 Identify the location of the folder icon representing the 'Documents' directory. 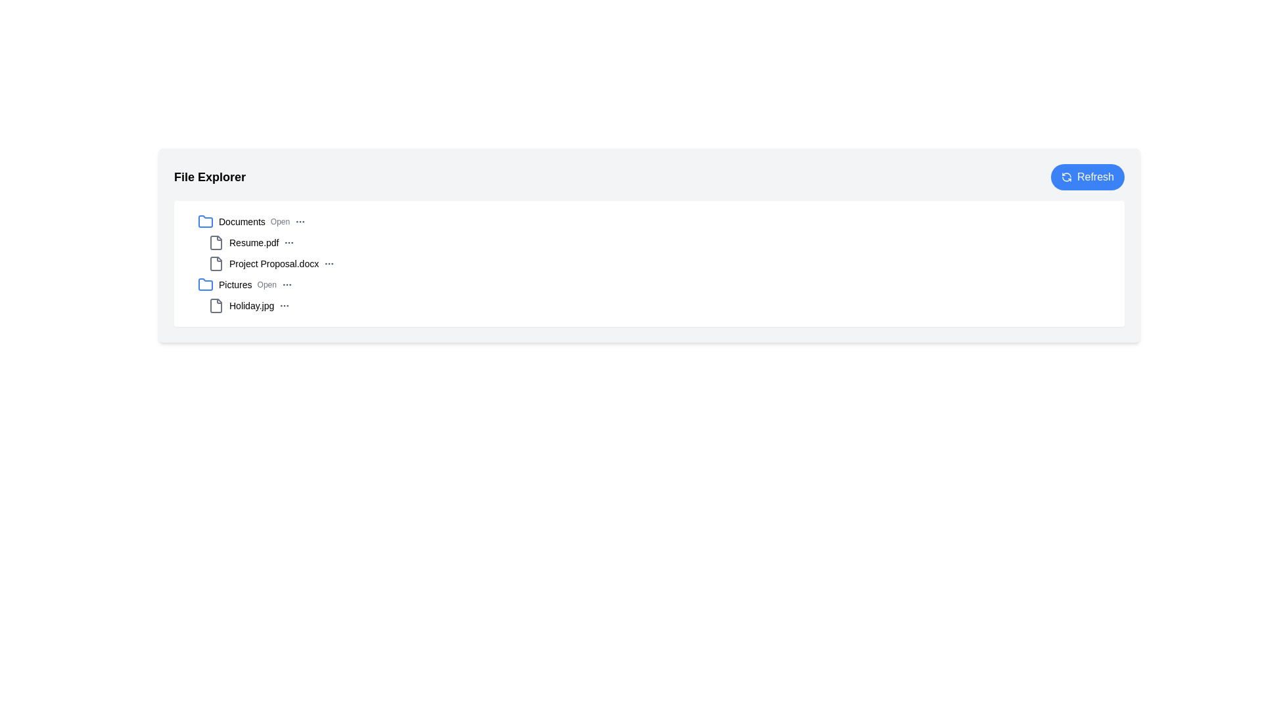
(204, 221).